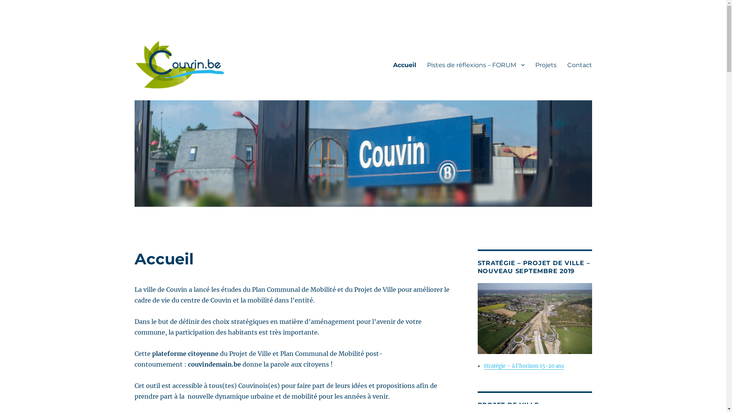 The height and width of the screenshot is (412, 732). What do you see at coordinates (545, 64) in the screenshot?
I see `'Projets'` at bounding box center [545, 64].